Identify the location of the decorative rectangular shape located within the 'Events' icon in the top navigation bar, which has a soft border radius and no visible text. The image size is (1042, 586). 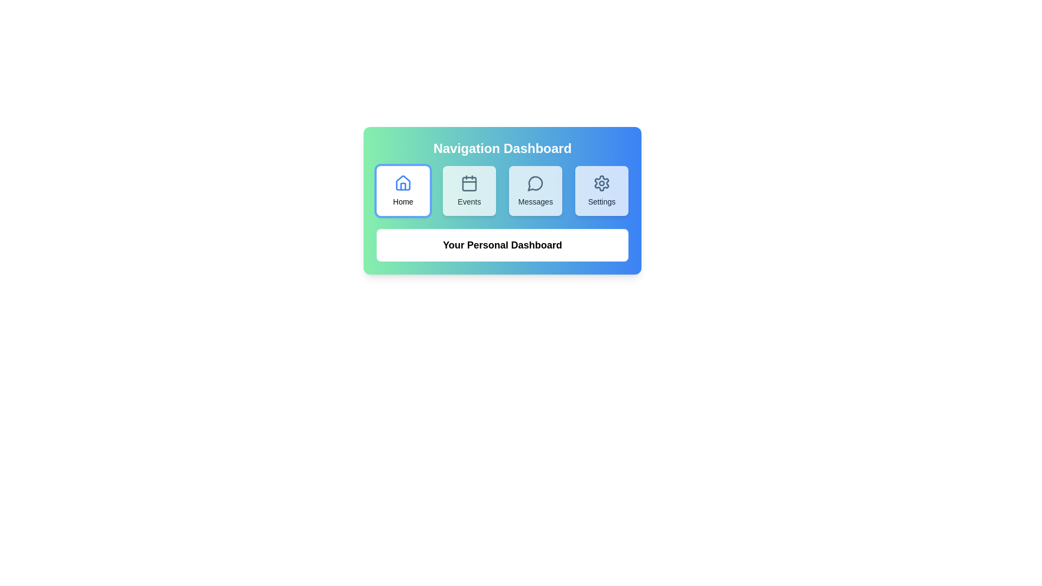
(469, 183).